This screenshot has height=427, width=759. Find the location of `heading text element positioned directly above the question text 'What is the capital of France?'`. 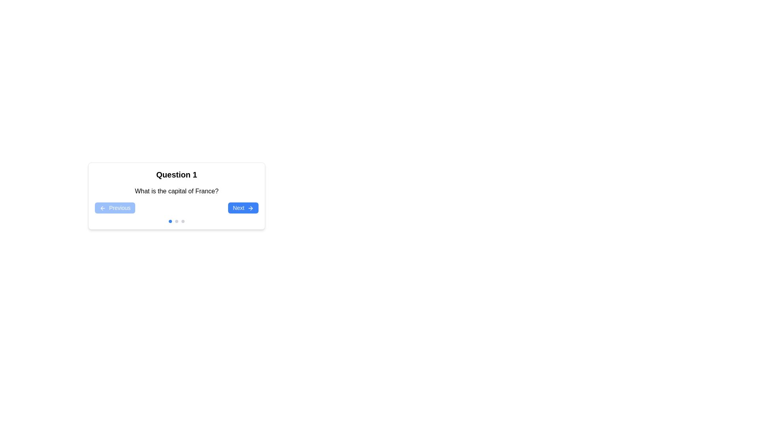

heading text element positioned directly above the question text 'What is the capital of France?' is located at coordinates (176, 174).